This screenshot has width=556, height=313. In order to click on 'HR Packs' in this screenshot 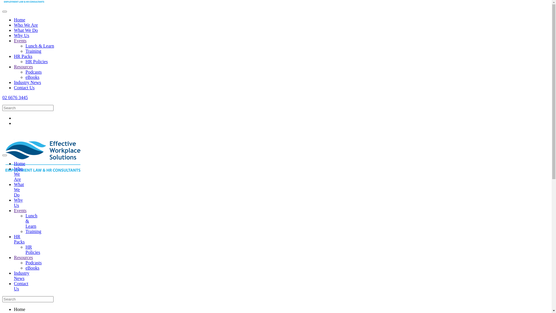, I will do `click(23, 56)`.